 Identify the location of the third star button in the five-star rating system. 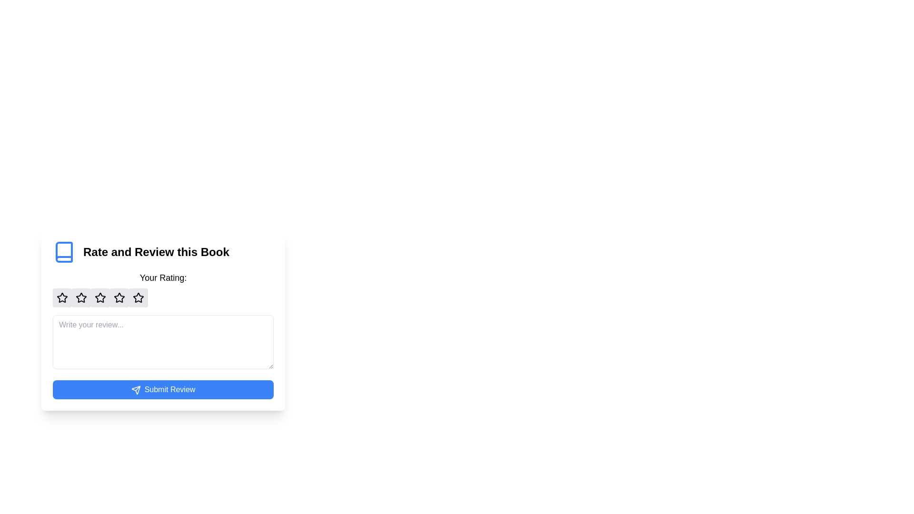
(100, 297).